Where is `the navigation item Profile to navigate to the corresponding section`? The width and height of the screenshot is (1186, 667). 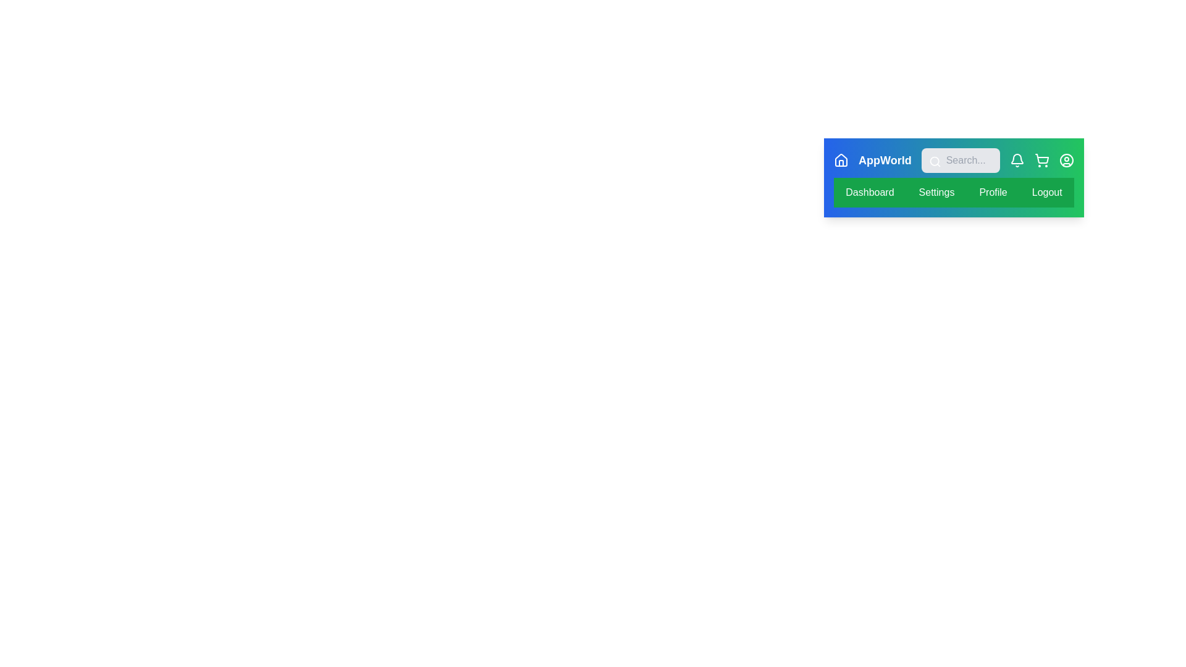 the navigation item Profile to navigate to the corresponding section is located at coordinates (993, 193).